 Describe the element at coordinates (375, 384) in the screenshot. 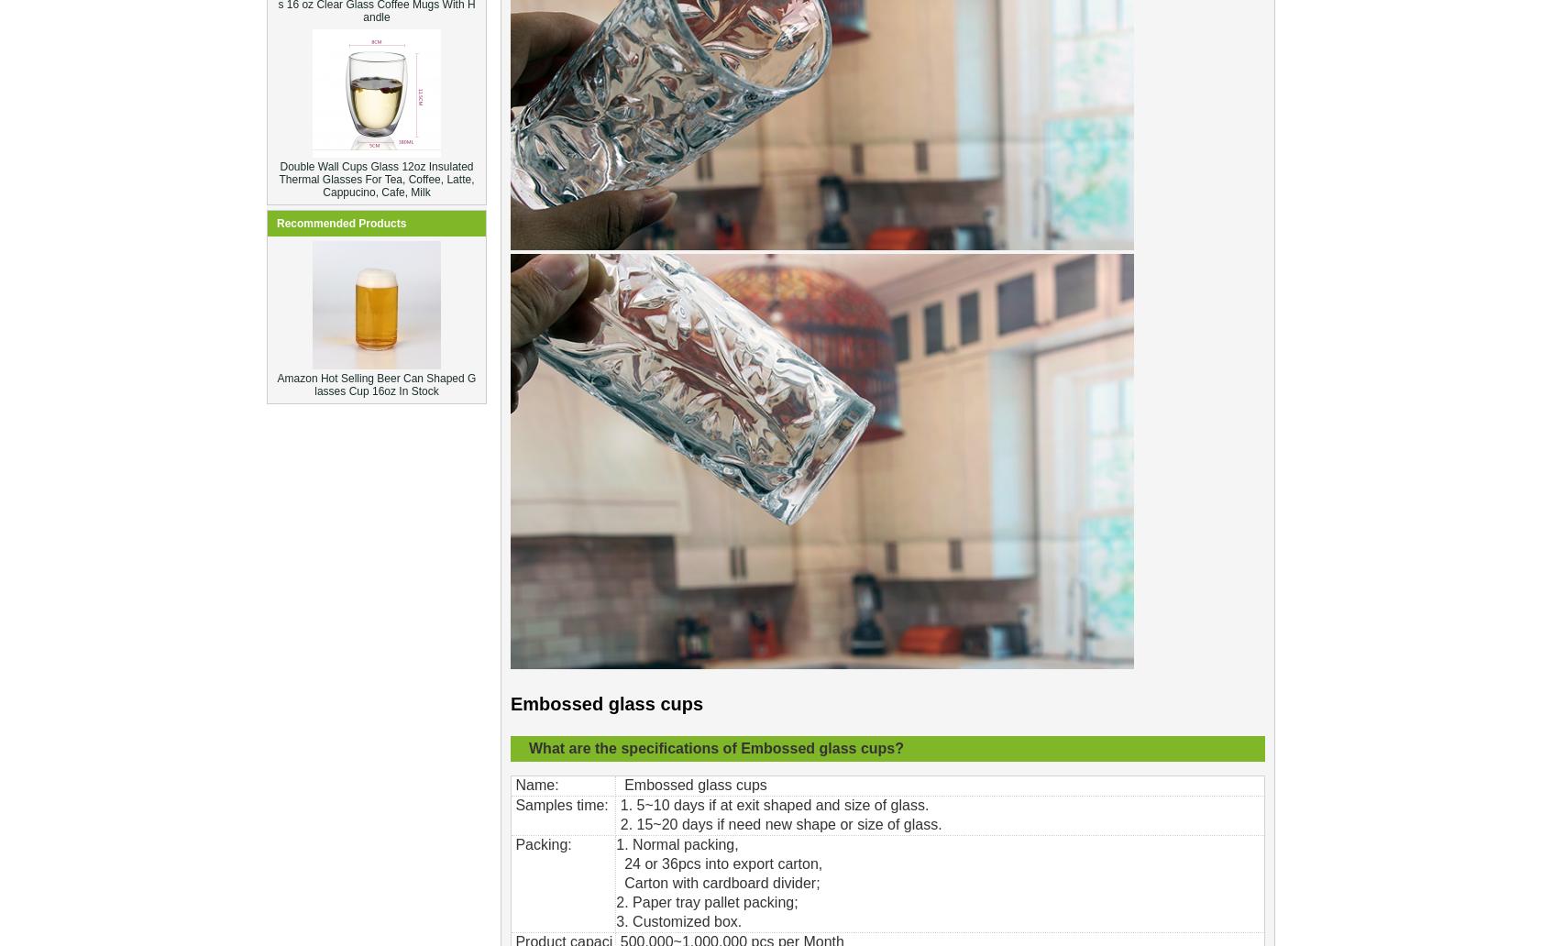

I see `'Amazon Hot Selling Beer Can Shaped Glasses Cup 16oz In Stock'` at that location.